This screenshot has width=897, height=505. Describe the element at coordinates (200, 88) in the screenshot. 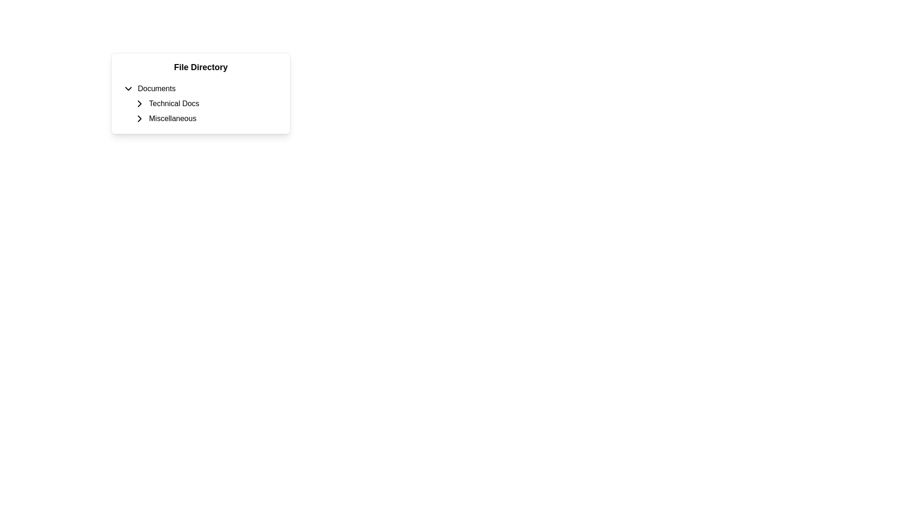

I see `the Collapsible header control labeled 'Documents' for keyboard navigation` at that location.